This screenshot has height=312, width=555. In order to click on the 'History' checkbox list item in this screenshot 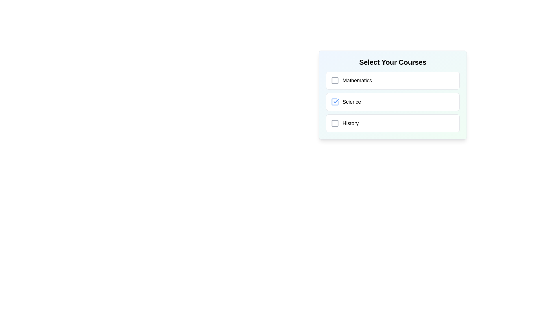, I will do `click(393, 123)`.